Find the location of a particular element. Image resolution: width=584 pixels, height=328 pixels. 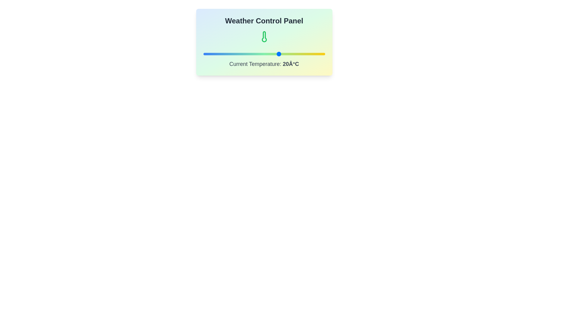

the temperature to 35°C using the slider is located at coordinates (302, 53).